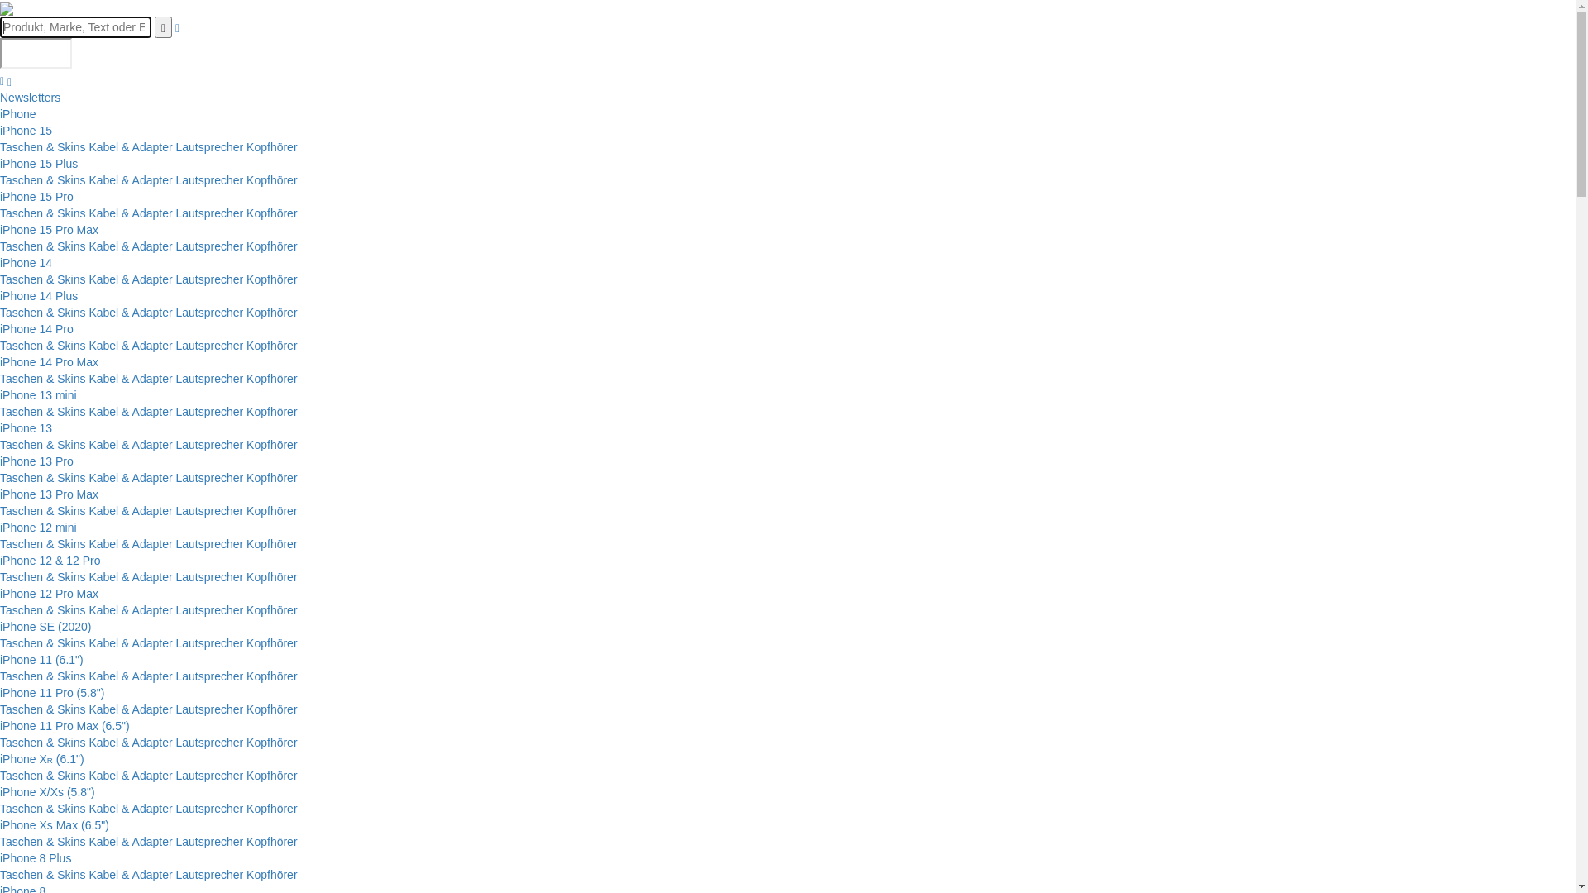 The image size is (1588, 893). Describe the element at coordinates (49, 361) in the screenshot. I see `'iPhone 14 Pro Max'` at that location.